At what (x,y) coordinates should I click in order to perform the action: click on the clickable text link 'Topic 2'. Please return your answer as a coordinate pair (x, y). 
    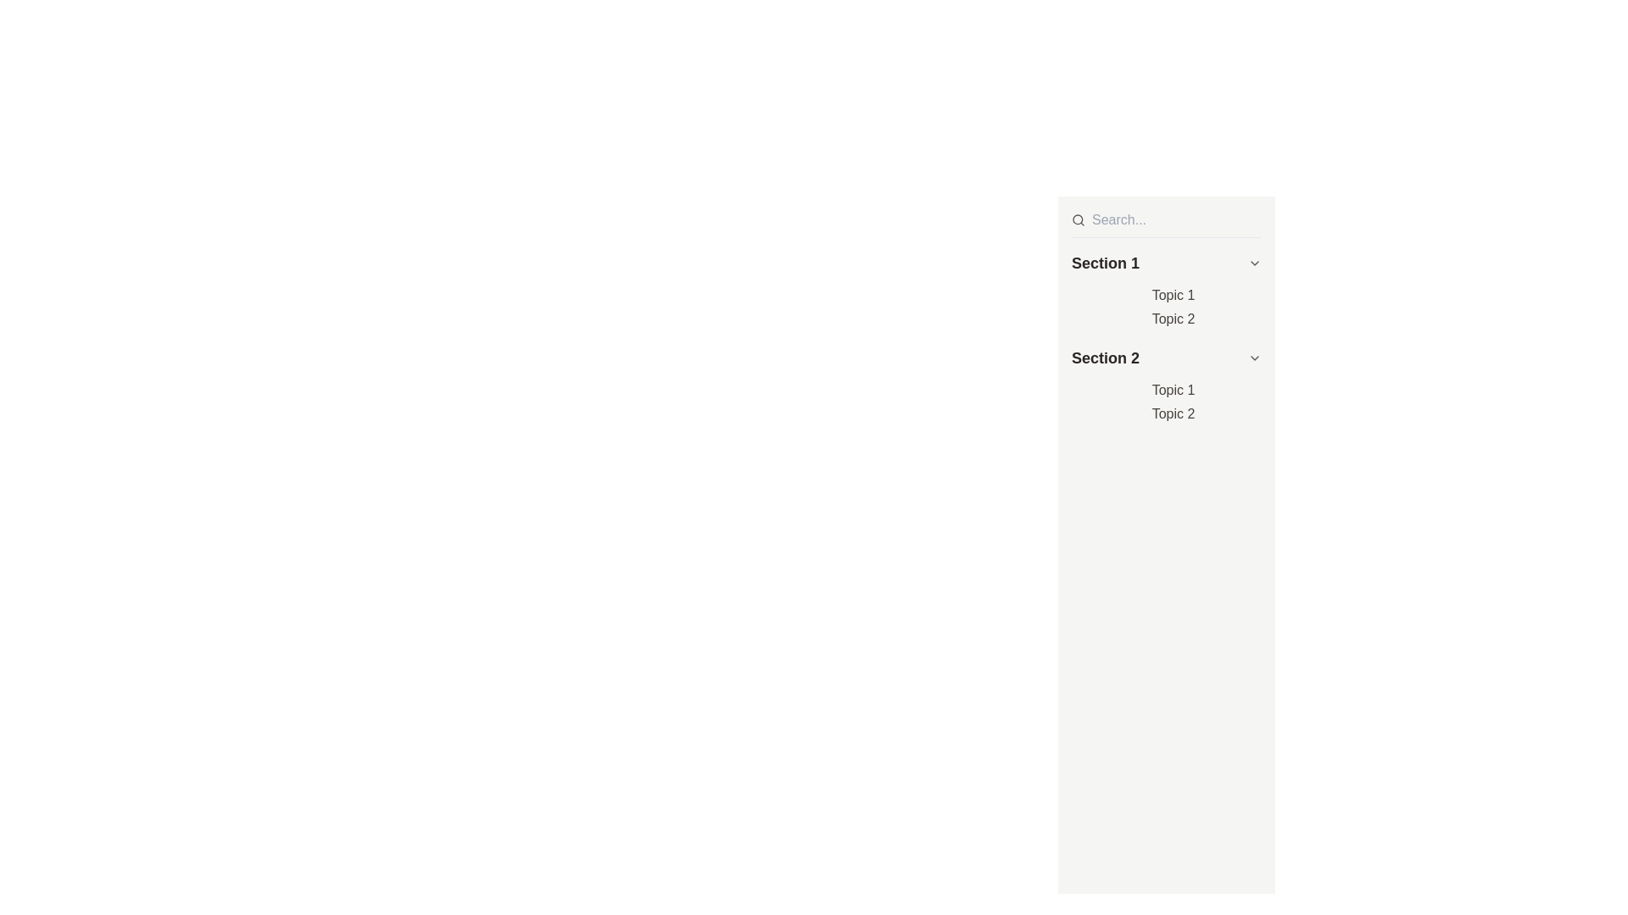
    Looking at the image, I should click on (1172, 414).